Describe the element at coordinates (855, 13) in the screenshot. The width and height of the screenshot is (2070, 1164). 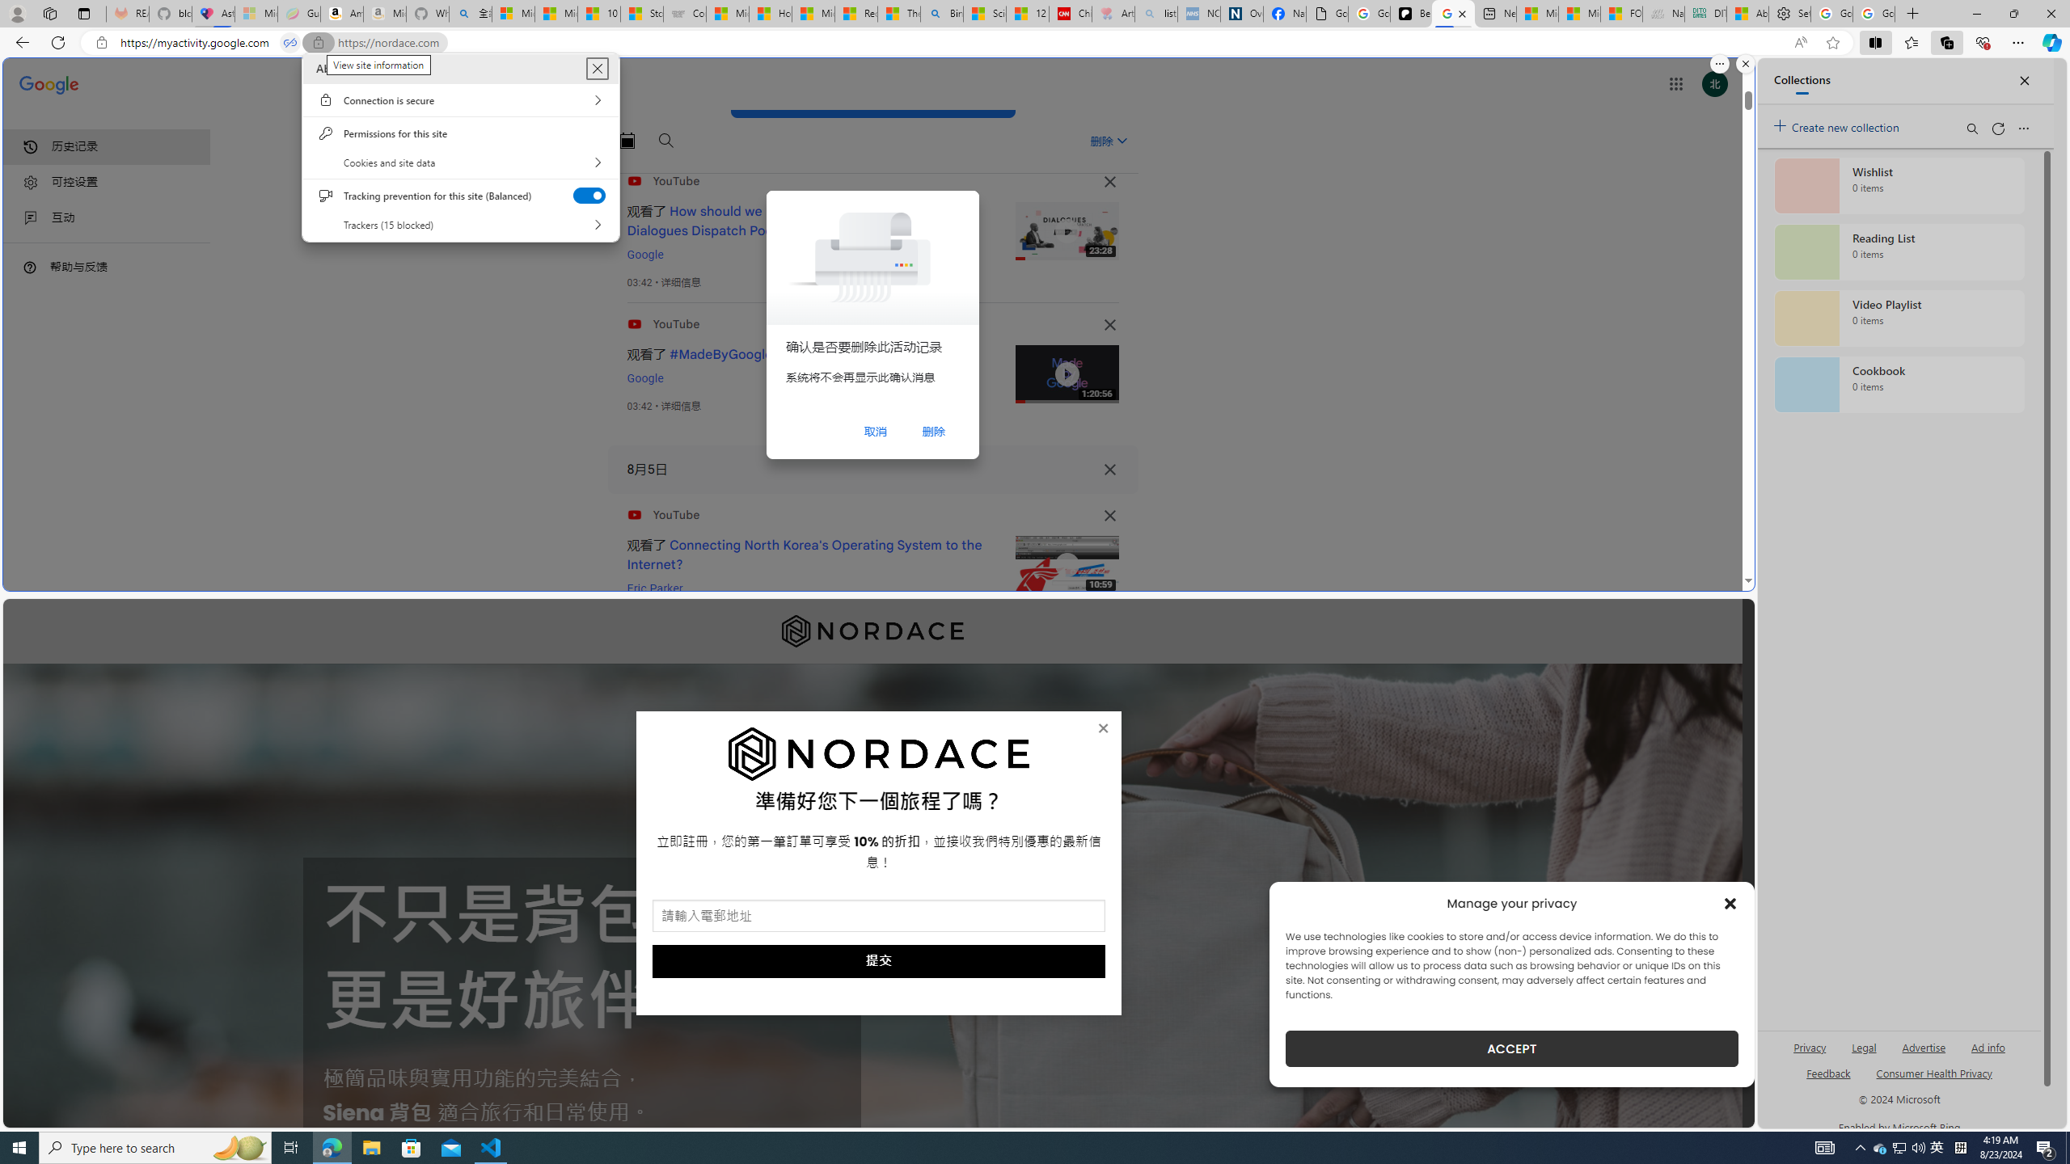
I see `'Recipes - MSN'` at that location.